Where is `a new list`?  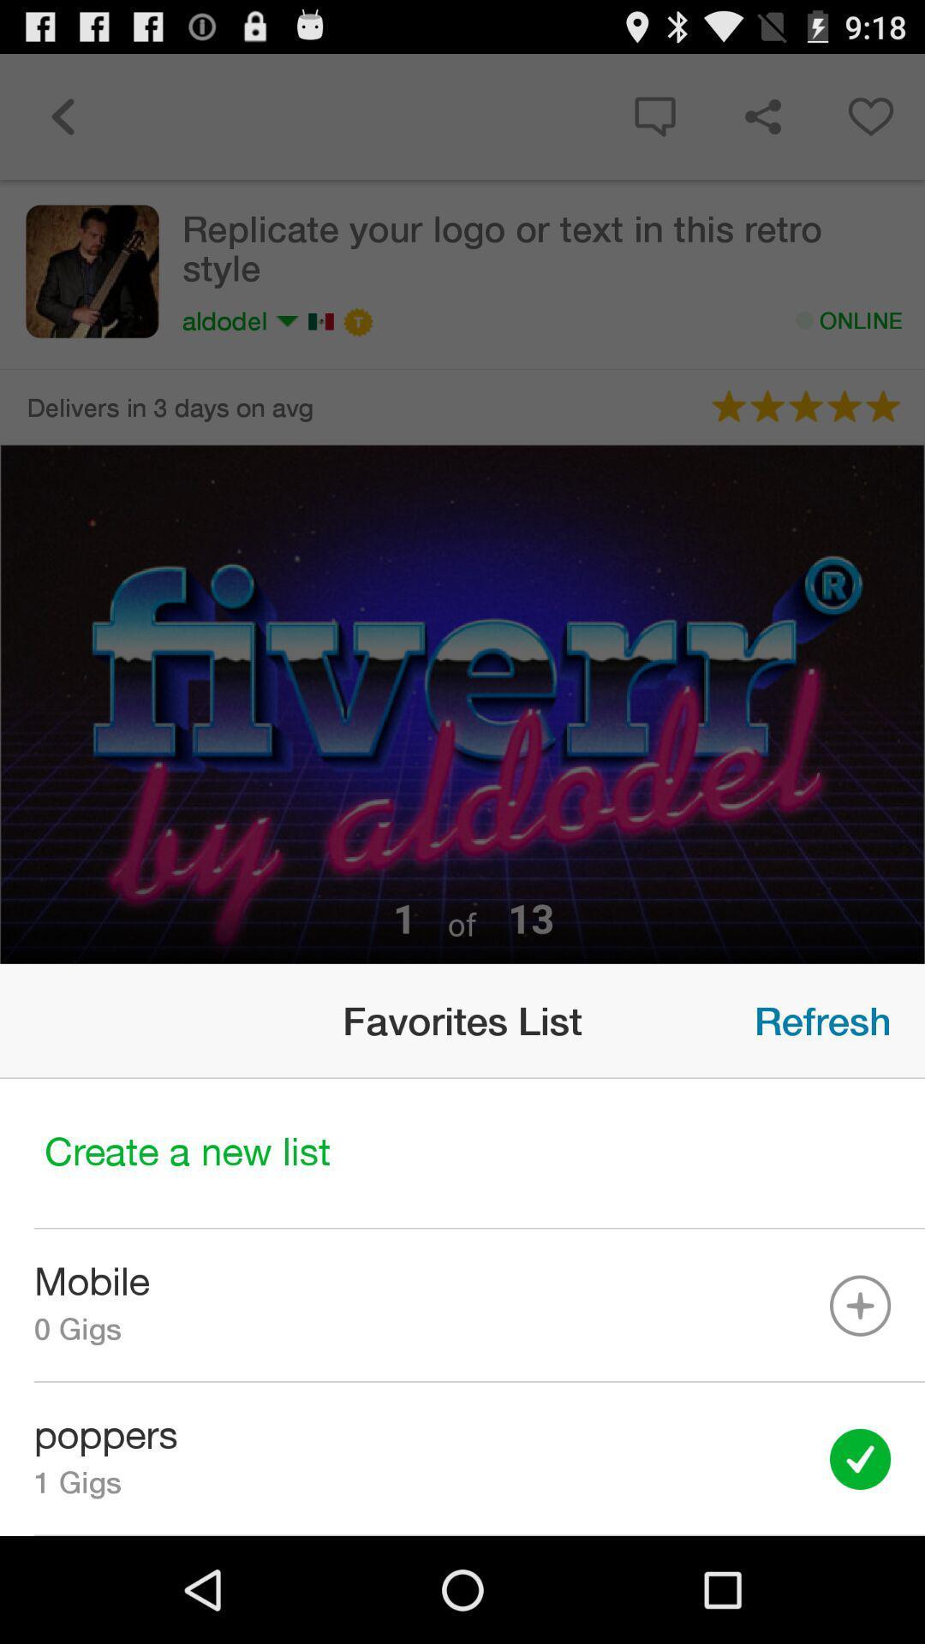 a new list is located at coordinates (462, 1153).